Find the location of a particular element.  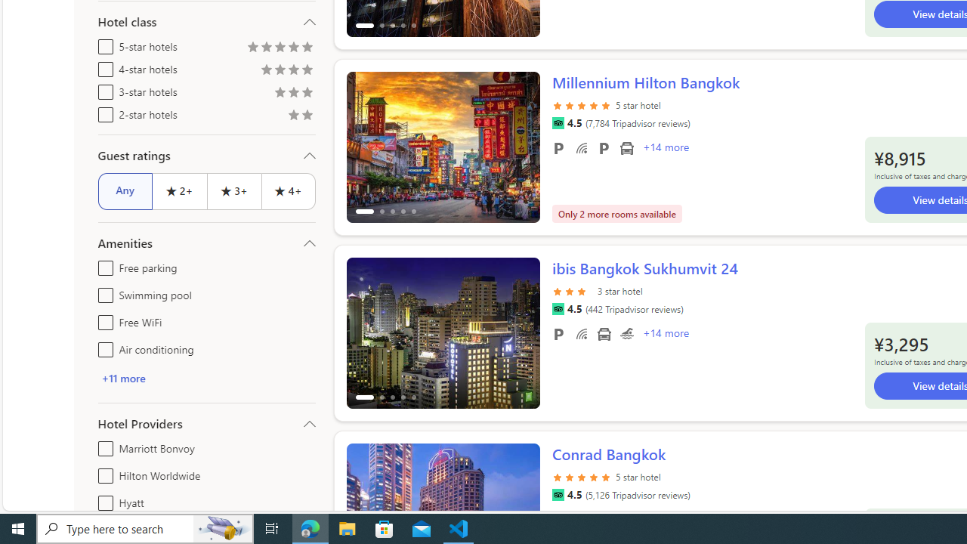

'Hotel Providers' is located at coordinates (205, 423).